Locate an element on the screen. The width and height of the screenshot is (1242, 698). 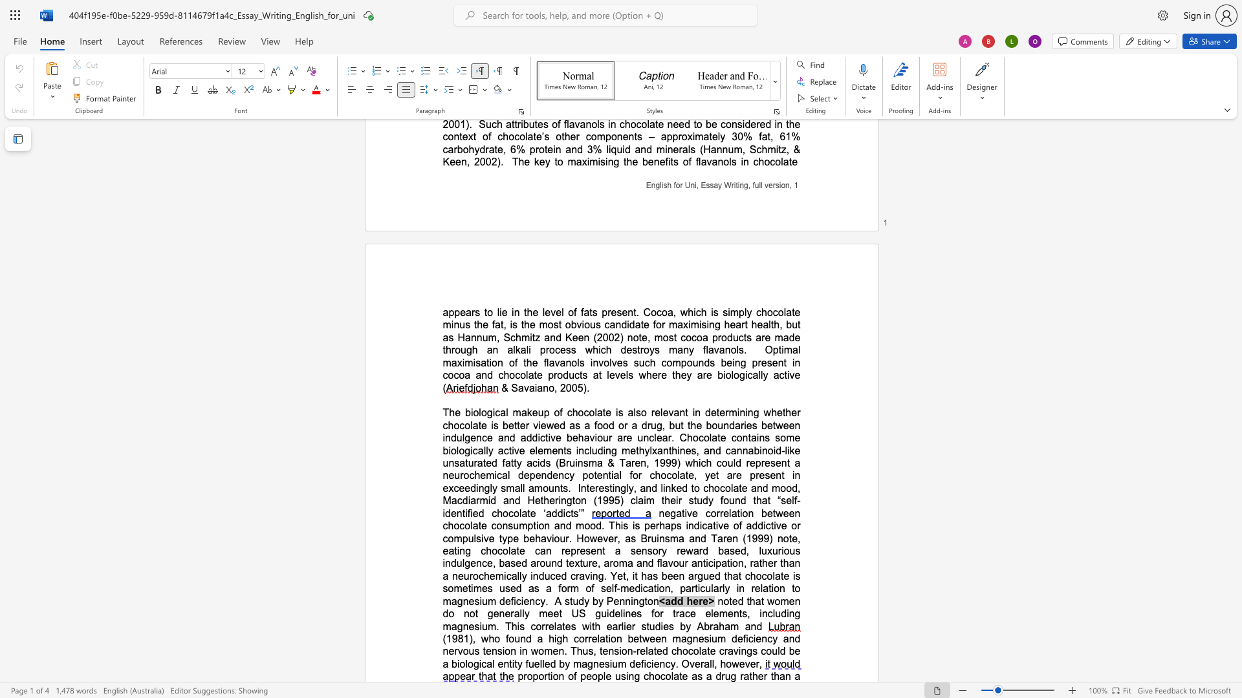
the space between the continuous character "n" and "i" in the text is located at coordinates (629, 601).